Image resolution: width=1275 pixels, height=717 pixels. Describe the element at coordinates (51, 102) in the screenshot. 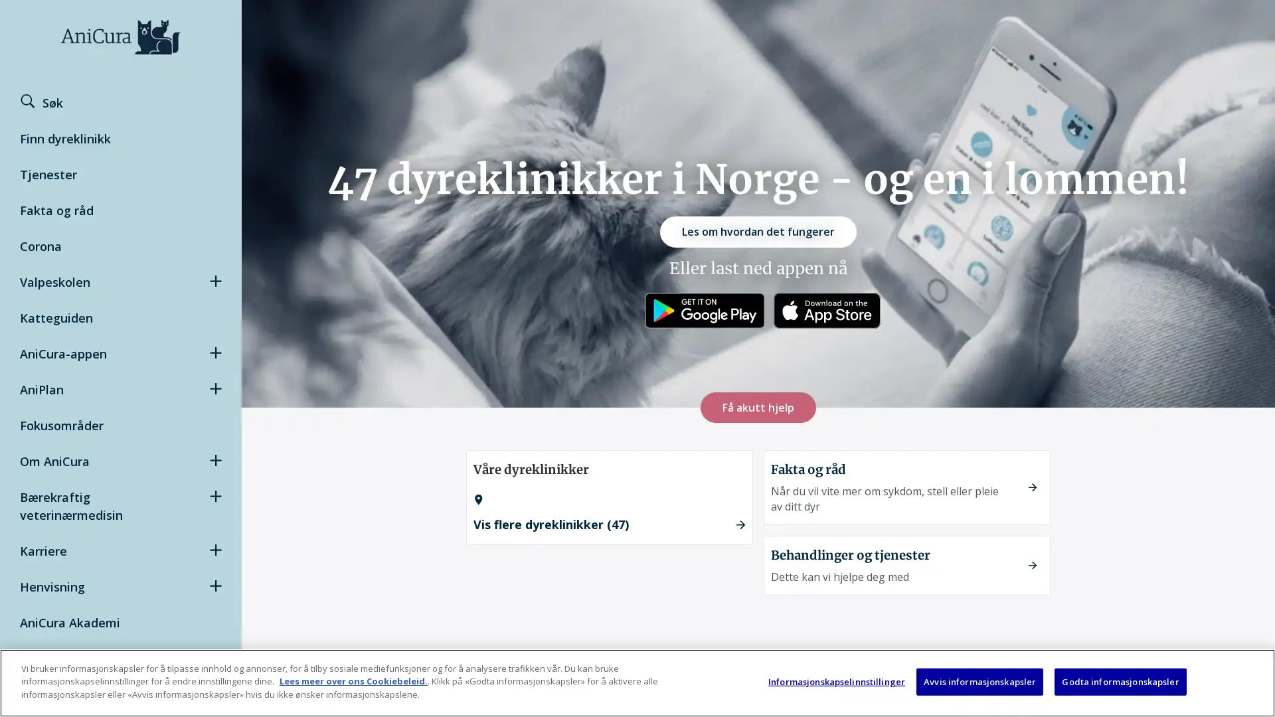

I see `Sk` at that location.